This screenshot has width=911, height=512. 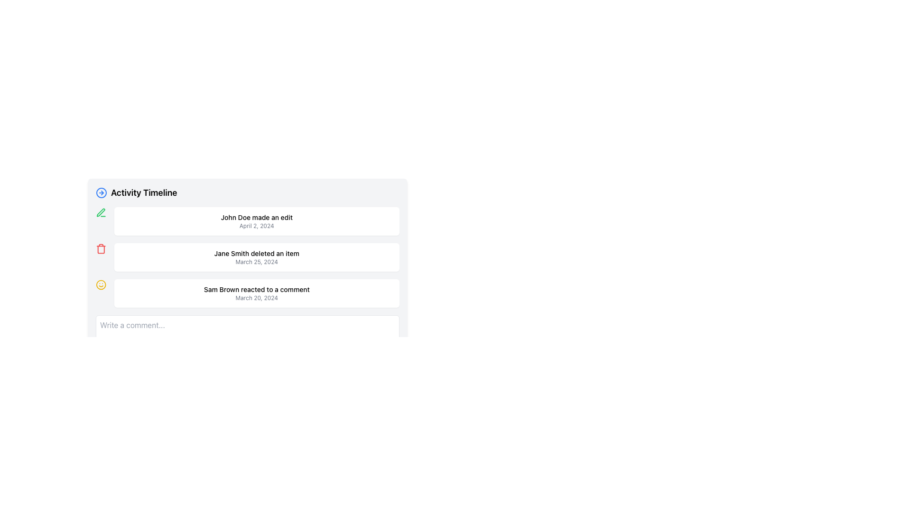 I want to click on the text block displaying 'March 25, 2024', which is positioned beneath 'Jane Smith deleted an item' in a white, rounded rectangle, so click(x=257, y=262).